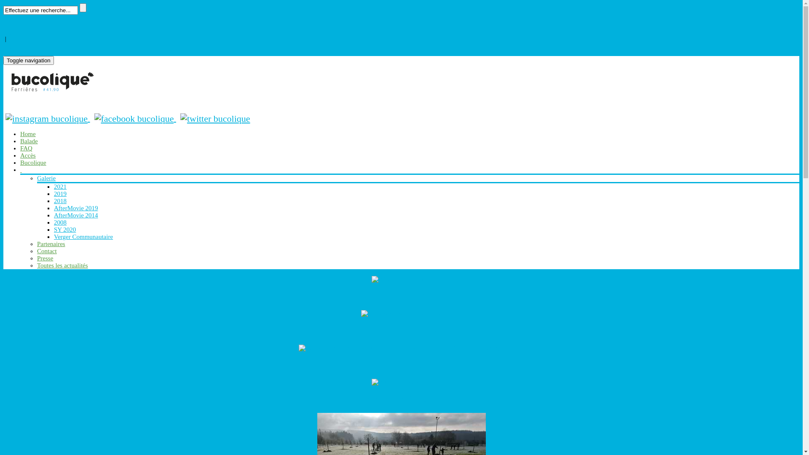  I want to click on 'Login', so click(11, 31).